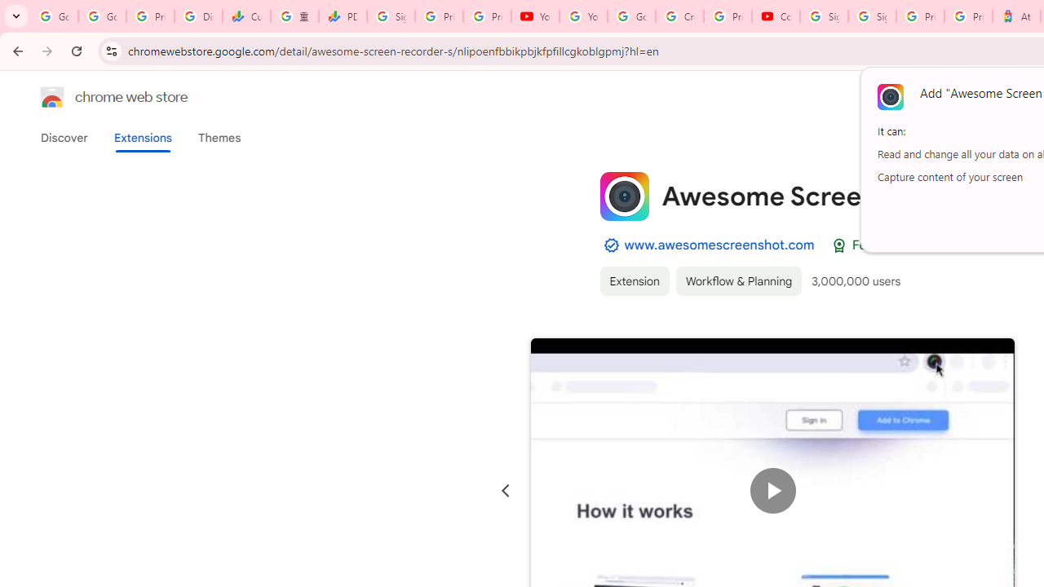  Describe the element at coordinates (52, 97) in the screenshot. I see `'Chrome Web Store logo'` at that location.